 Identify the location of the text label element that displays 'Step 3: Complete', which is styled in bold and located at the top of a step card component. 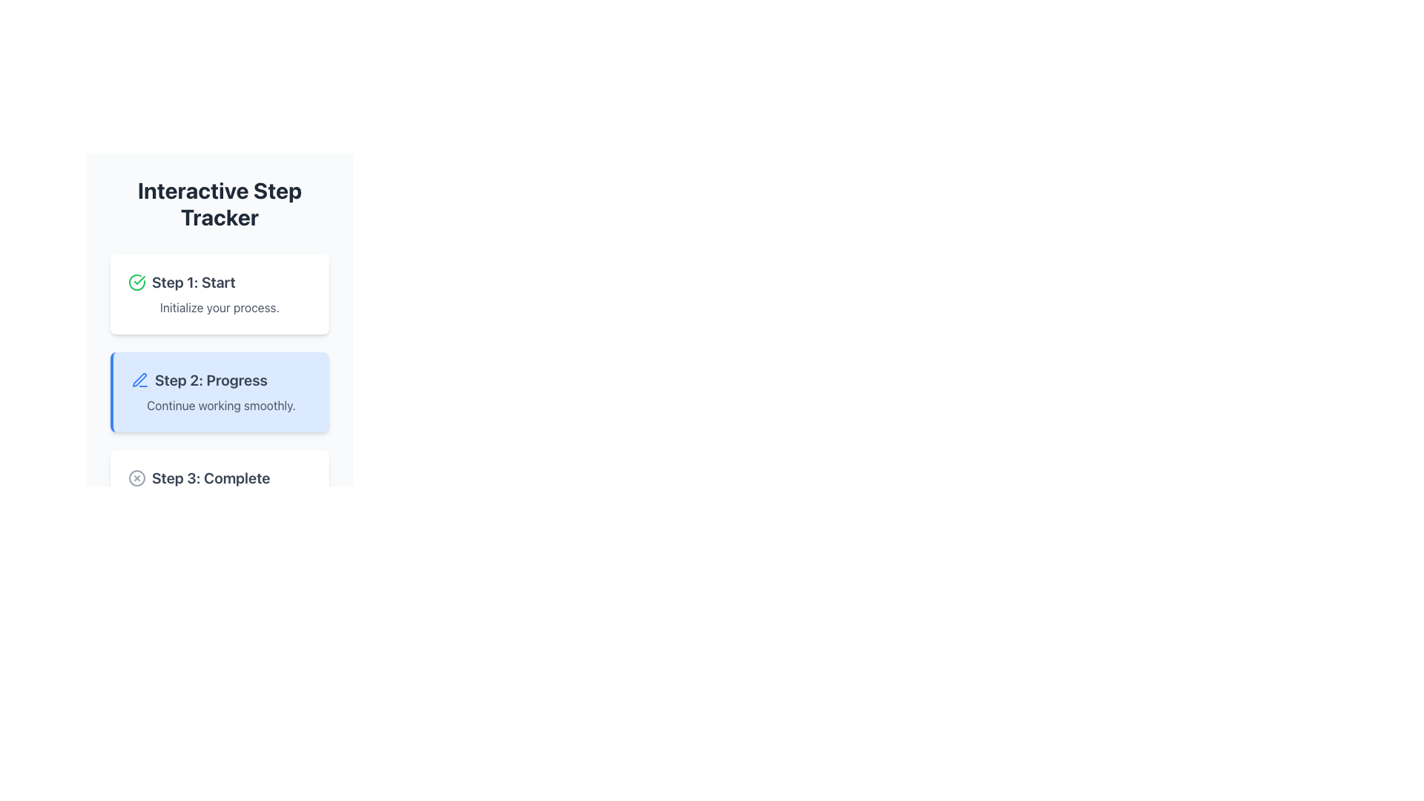
(219, 478).